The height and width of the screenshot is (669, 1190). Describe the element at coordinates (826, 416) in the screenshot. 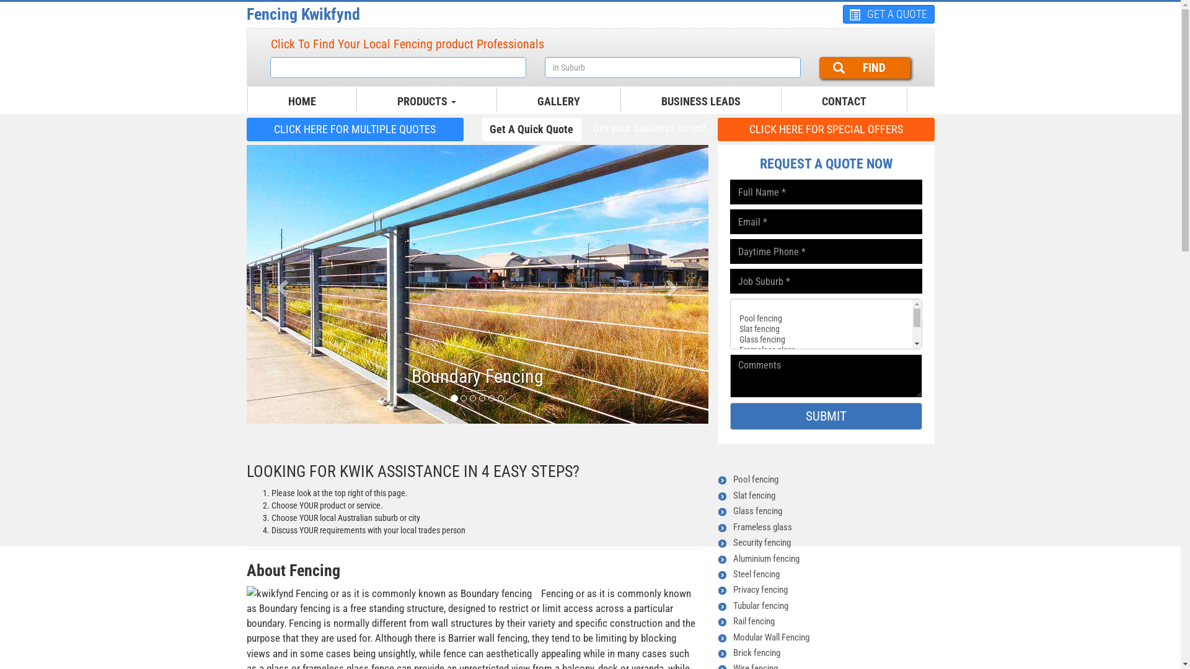

I see `'SUBMIT'` at that location.